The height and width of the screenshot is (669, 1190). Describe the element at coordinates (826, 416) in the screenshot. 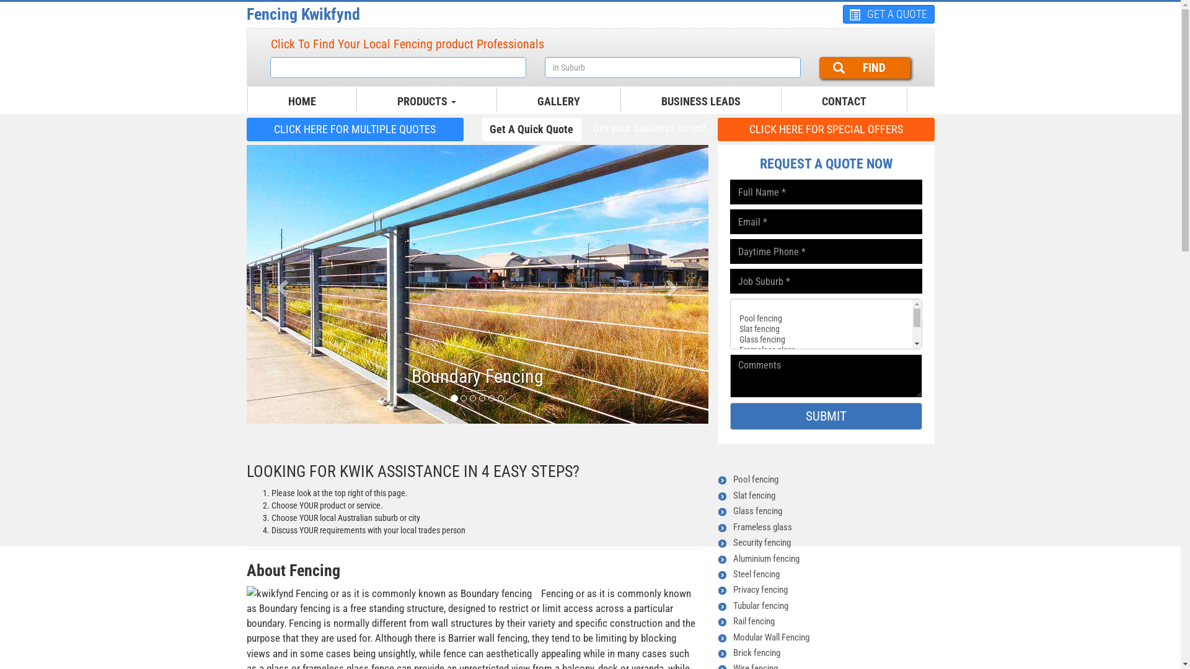

I see `'SUBMIT'` at that location.